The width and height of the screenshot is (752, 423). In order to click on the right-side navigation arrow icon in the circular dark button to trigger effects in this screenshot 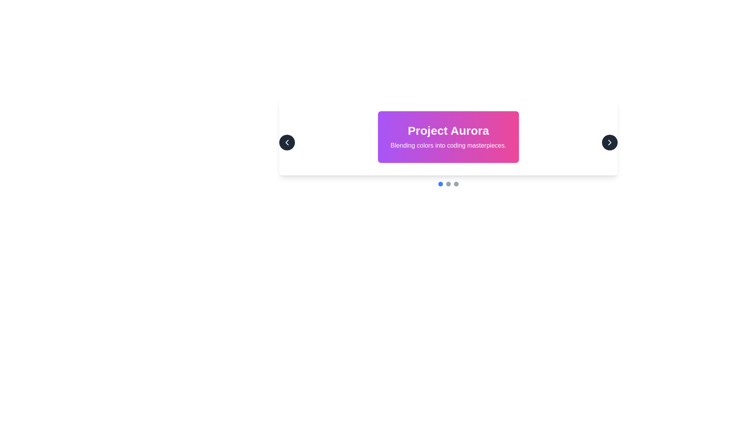, I will do `click(609, 142)`.